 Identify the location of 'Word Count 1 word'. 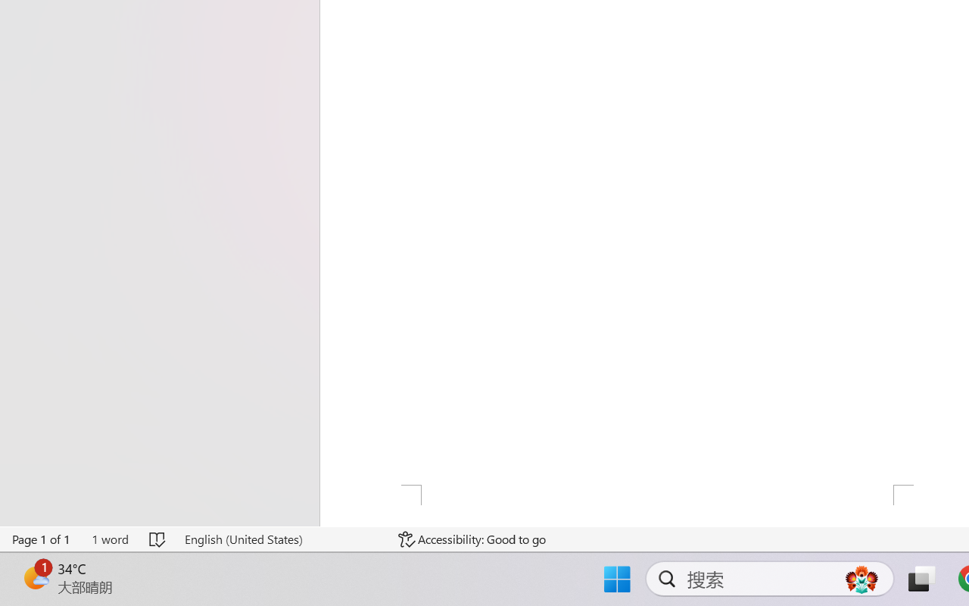
(109, 539).